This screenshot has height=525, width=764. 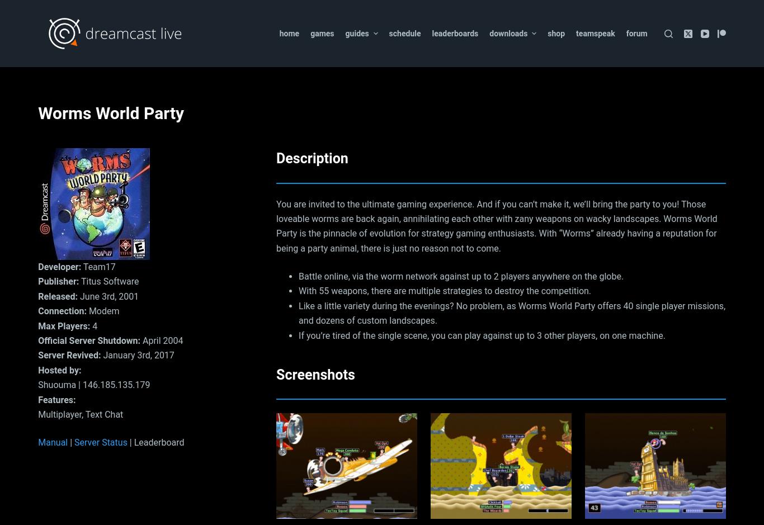 I want to click on 'Great to experience a classic online through the Dreamcast', so click(x=38, y=438).